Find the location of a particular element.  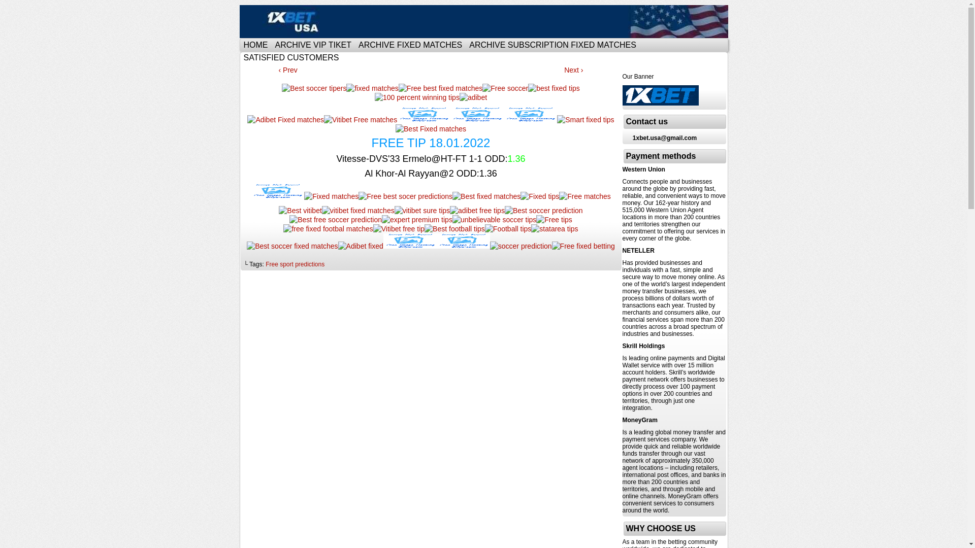

'Best soccer tipers' is located at coordinates (313, 87).